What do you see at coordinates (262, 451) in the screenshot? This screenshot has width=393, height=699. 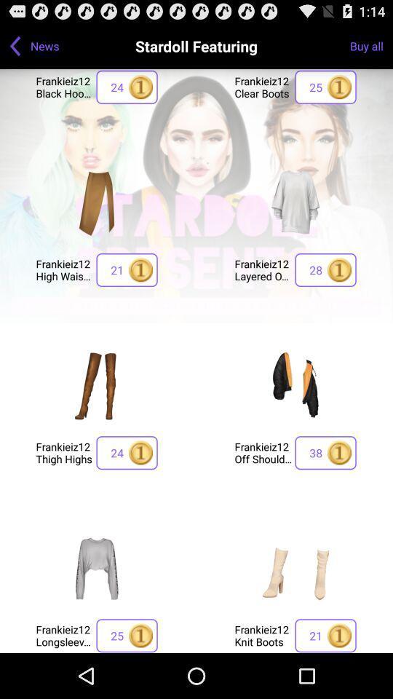 I see `frankieiz12 off shoulder icon` at bounding box center [262, 451].